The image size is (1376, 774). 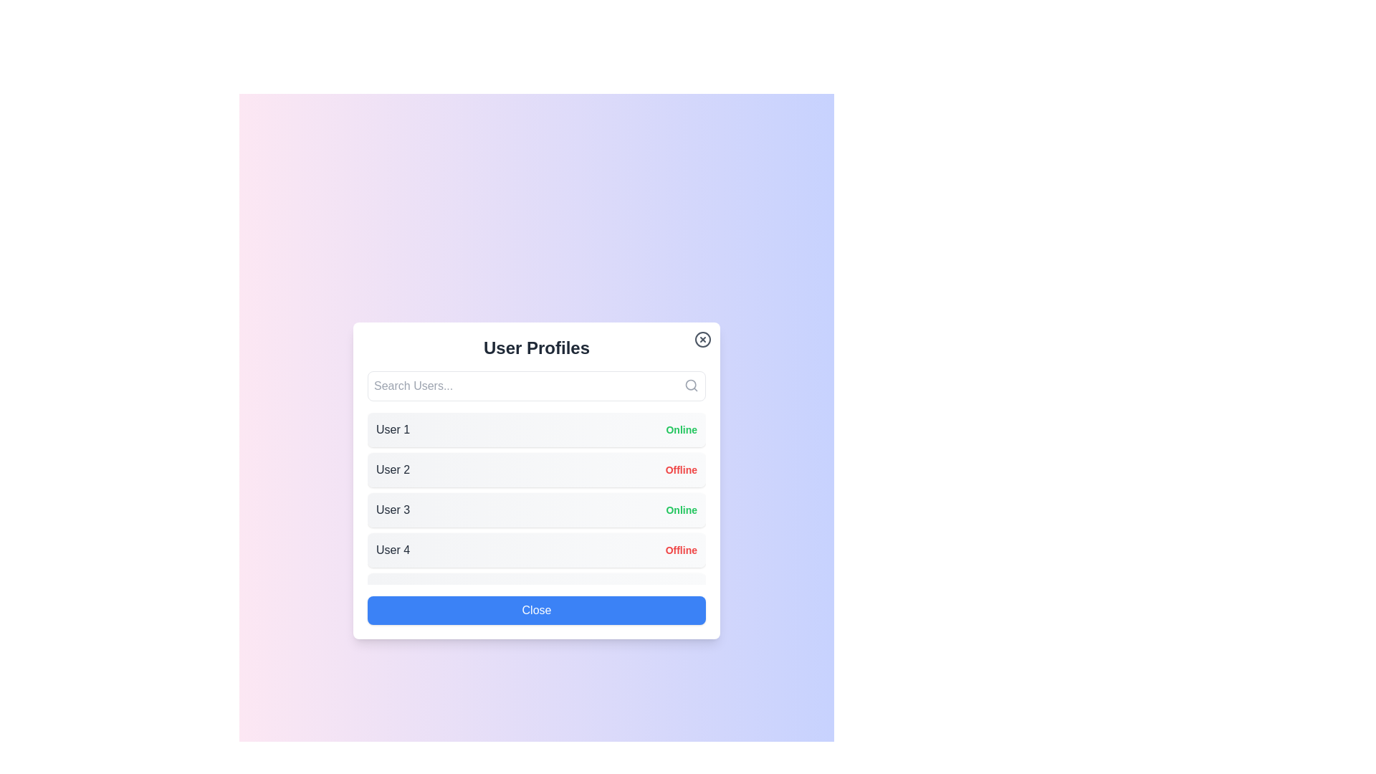 What do you see at coordinates (535, 611) in the screenshot?
I see `the button to close the dialog` at bounding box center [535, 611].